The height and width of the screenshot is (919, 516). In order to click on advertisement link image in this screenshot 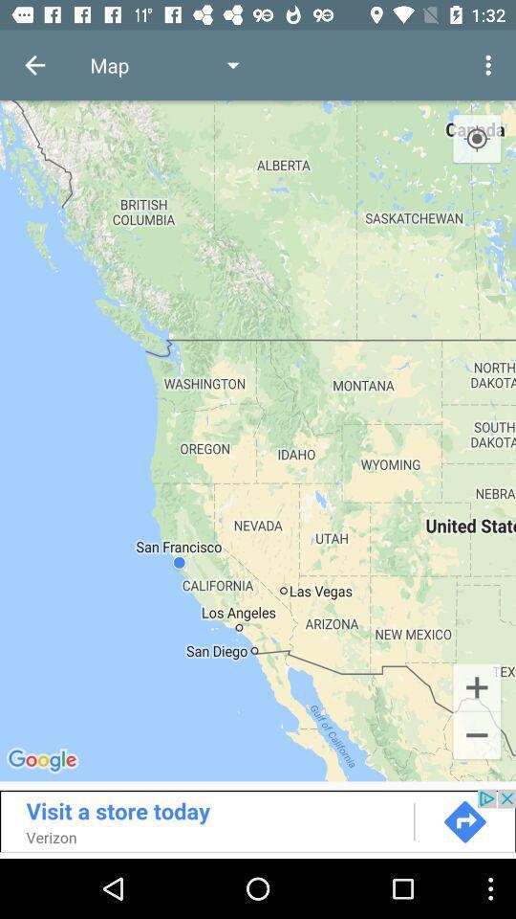, I will do `click(258, 819)`.